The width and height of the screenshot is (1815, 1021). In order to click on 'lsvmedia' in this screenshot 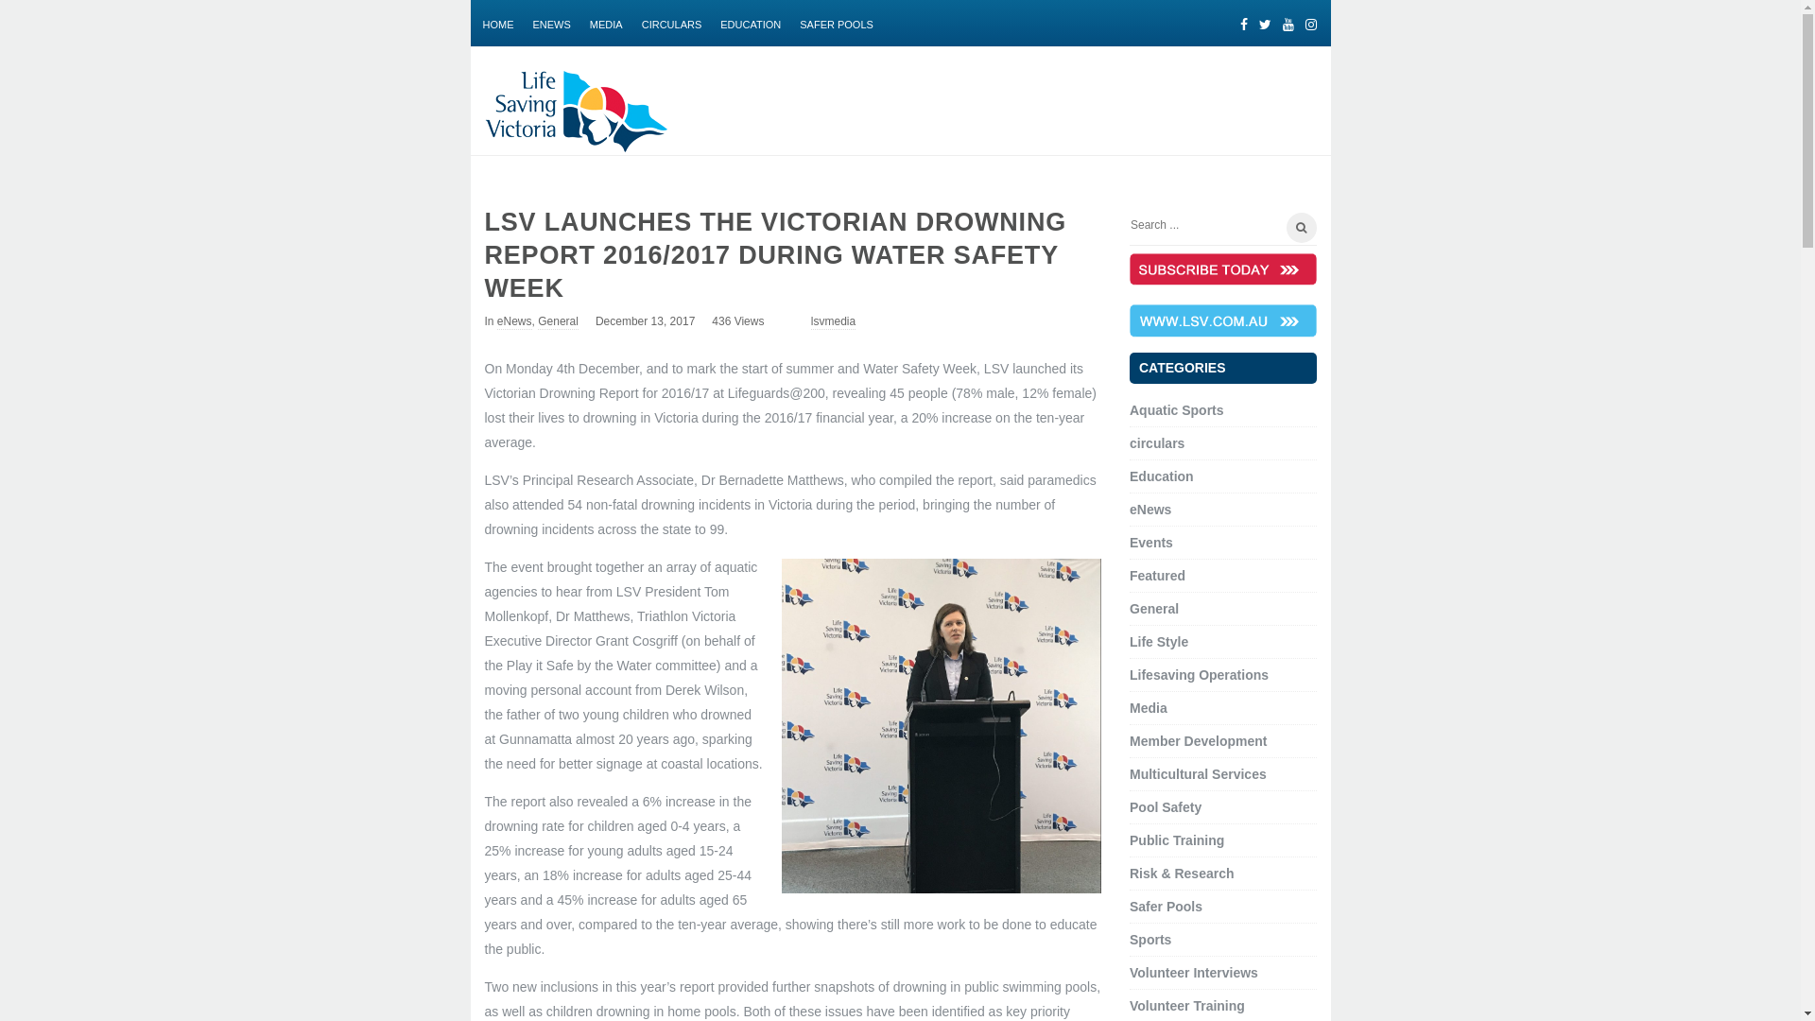, I will do `click(811, 320)`.